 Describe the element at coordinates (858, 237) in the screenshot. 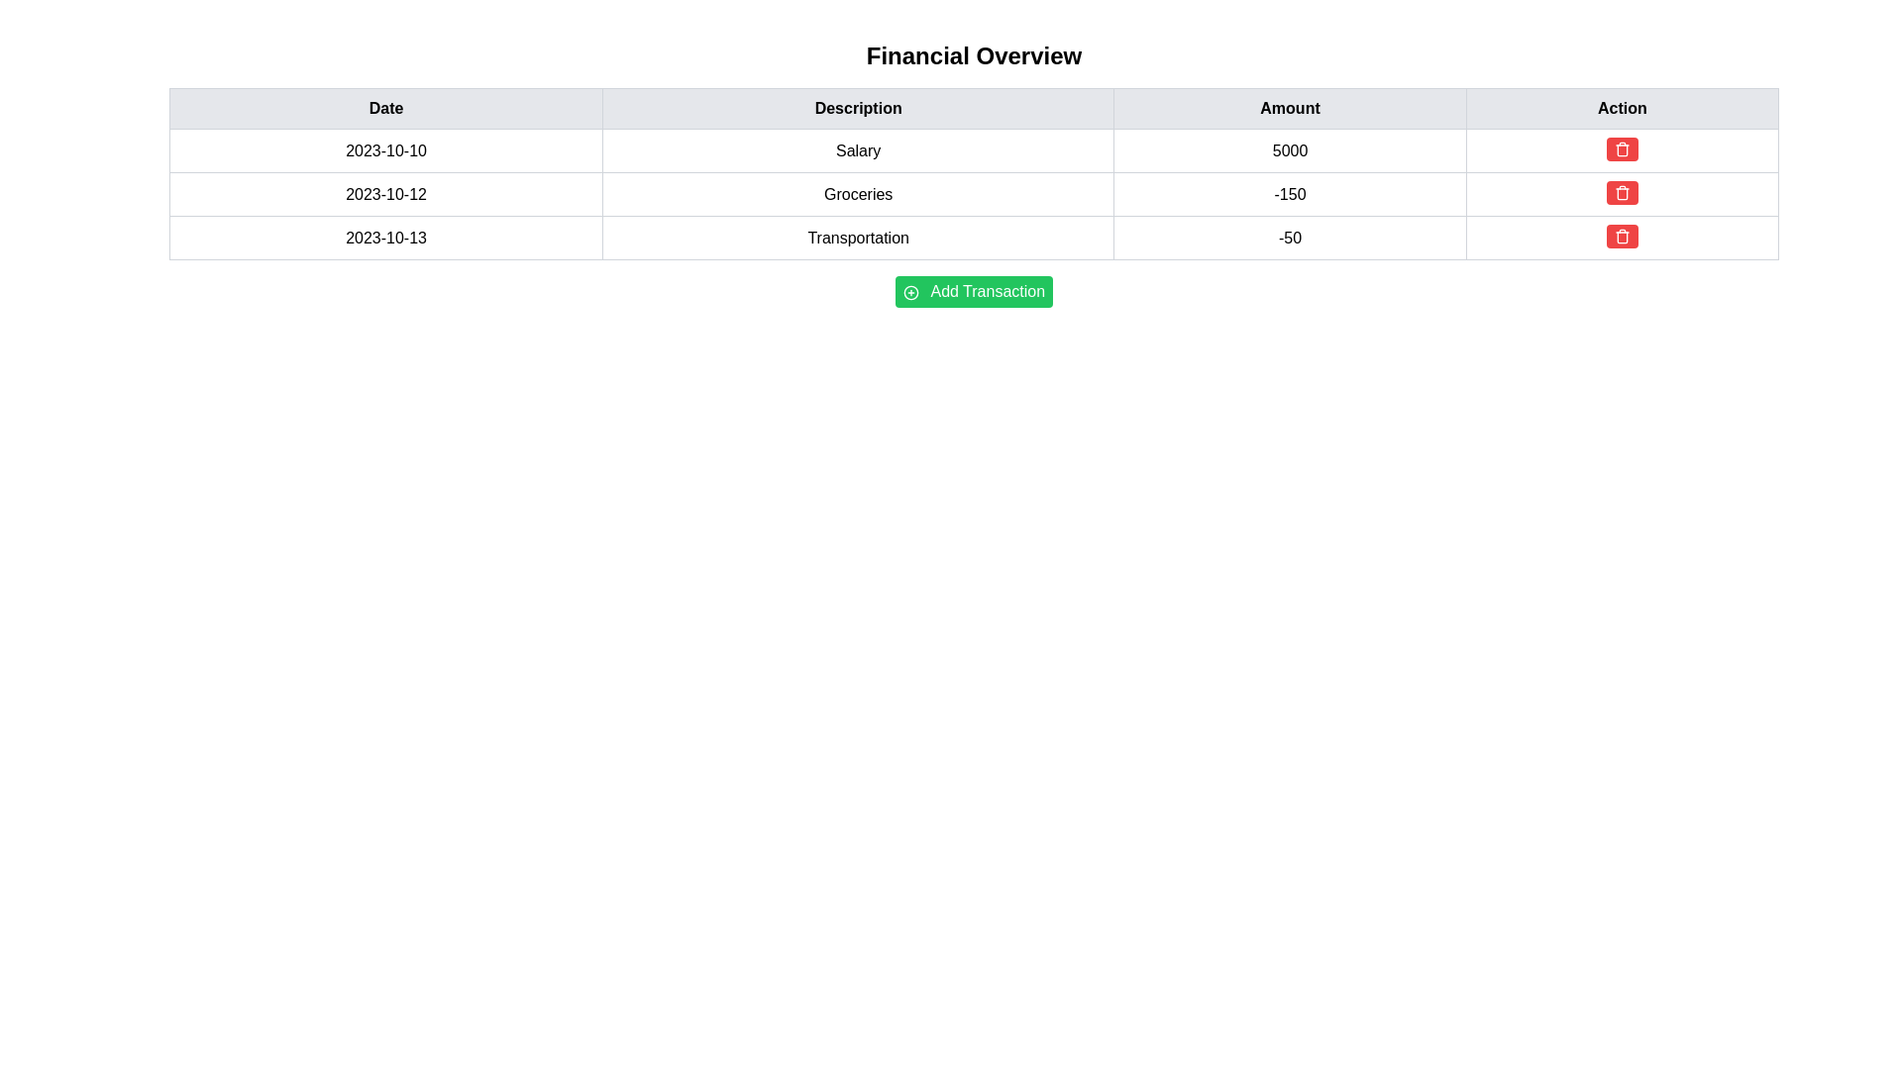

I see `the 'Transportation' text label in the second cell of the row labelled '2023-10-13' under the 'Description' column` at that location.